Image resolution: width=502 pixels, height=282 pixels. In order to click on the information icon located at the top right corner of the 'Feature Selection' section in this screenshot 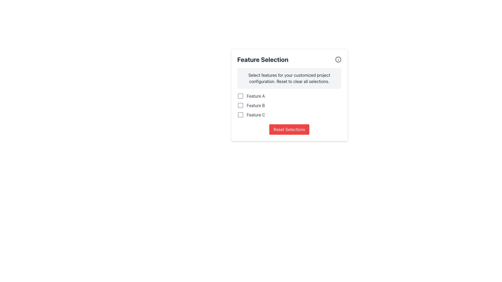, I will do `click(338, 59)`.